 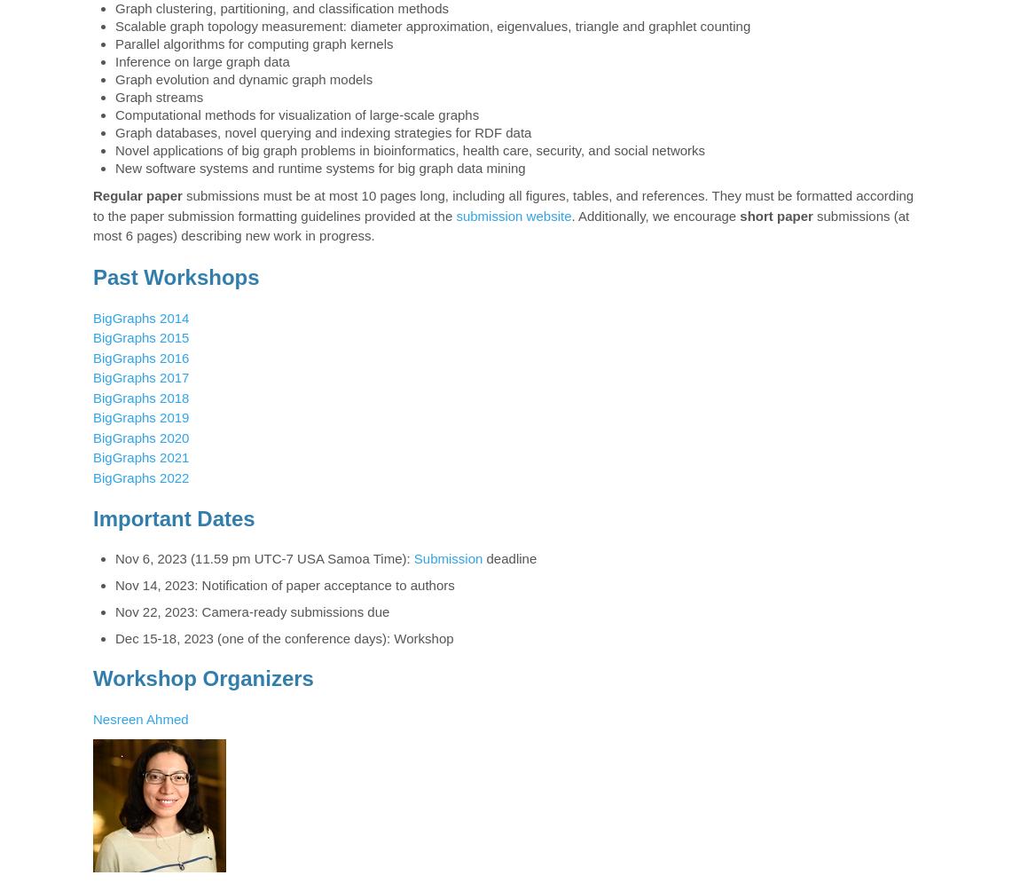 What do you see at coordinates (410, 150) in the screenshot?
I see `'Novel applications of big graph problems in bioinformatics, health care, security, and social networks'` at bounding box center [410, 150].